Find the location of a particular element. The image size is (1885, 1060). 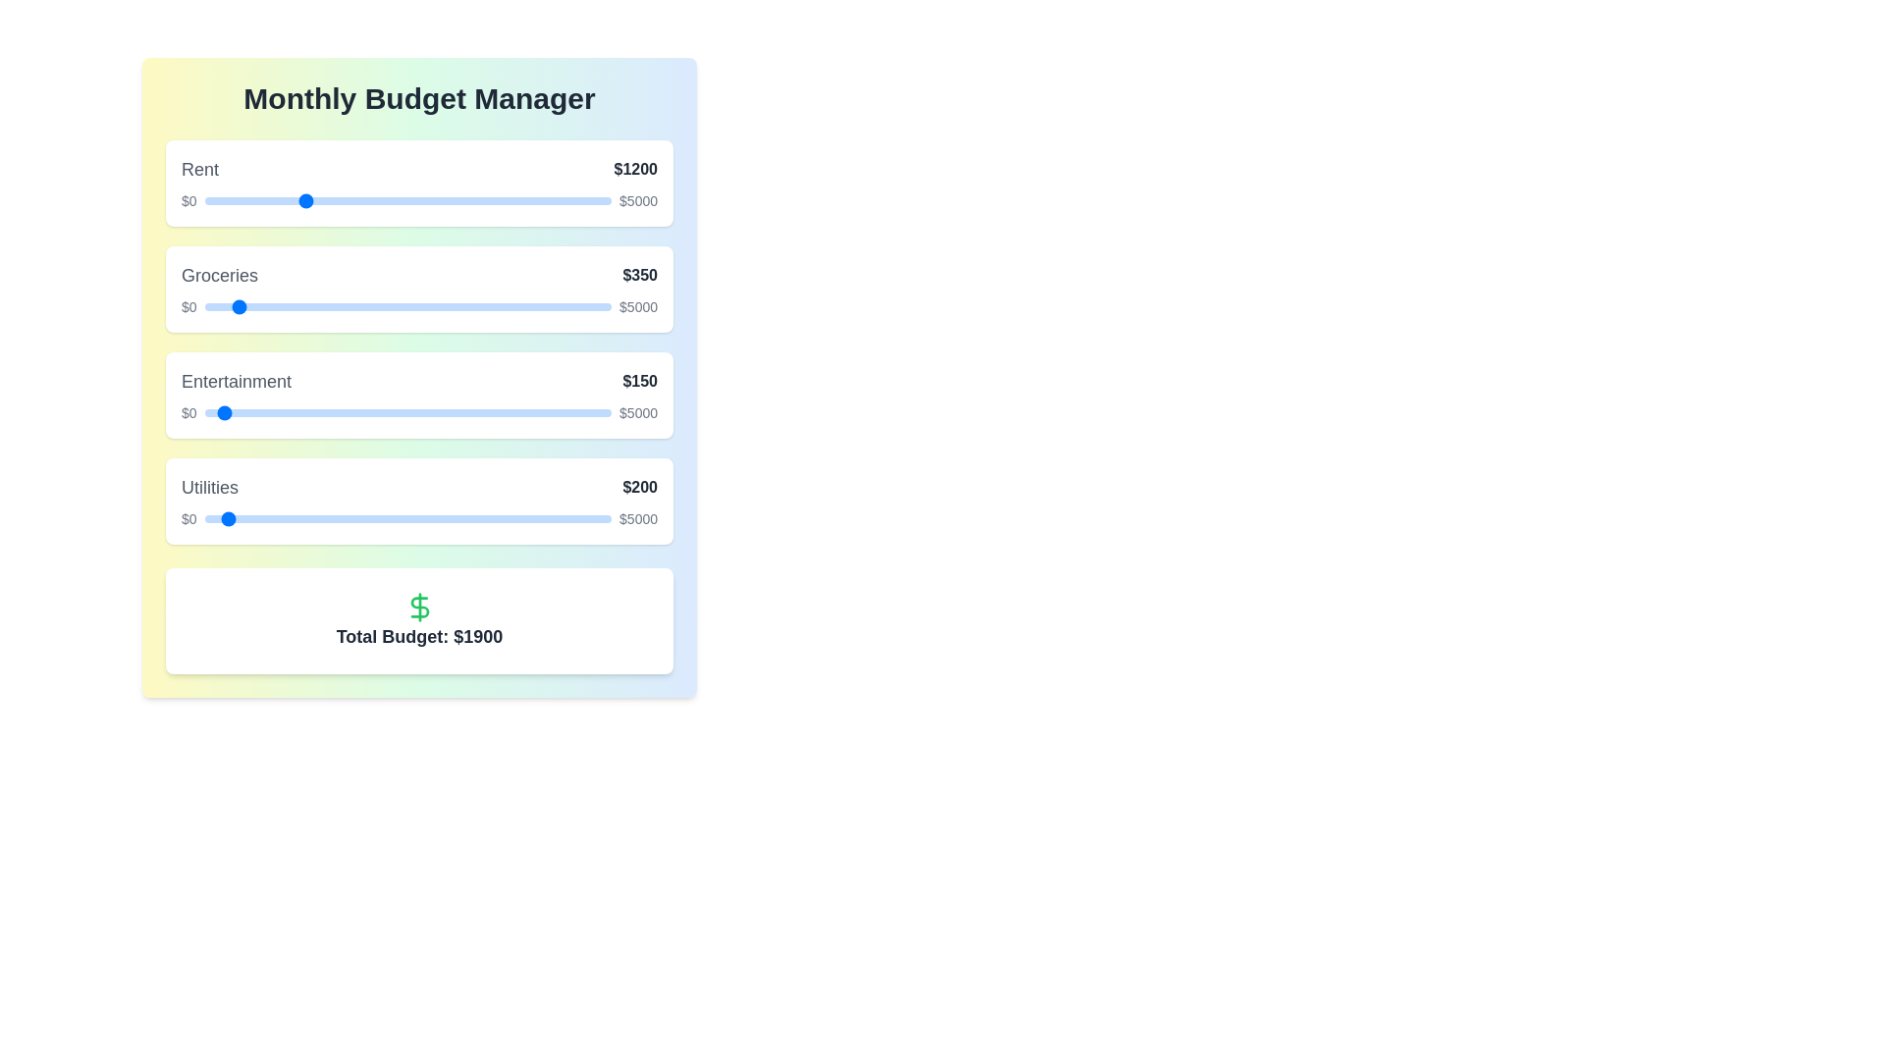

the value of the slider is located at coordinates (284, 411).